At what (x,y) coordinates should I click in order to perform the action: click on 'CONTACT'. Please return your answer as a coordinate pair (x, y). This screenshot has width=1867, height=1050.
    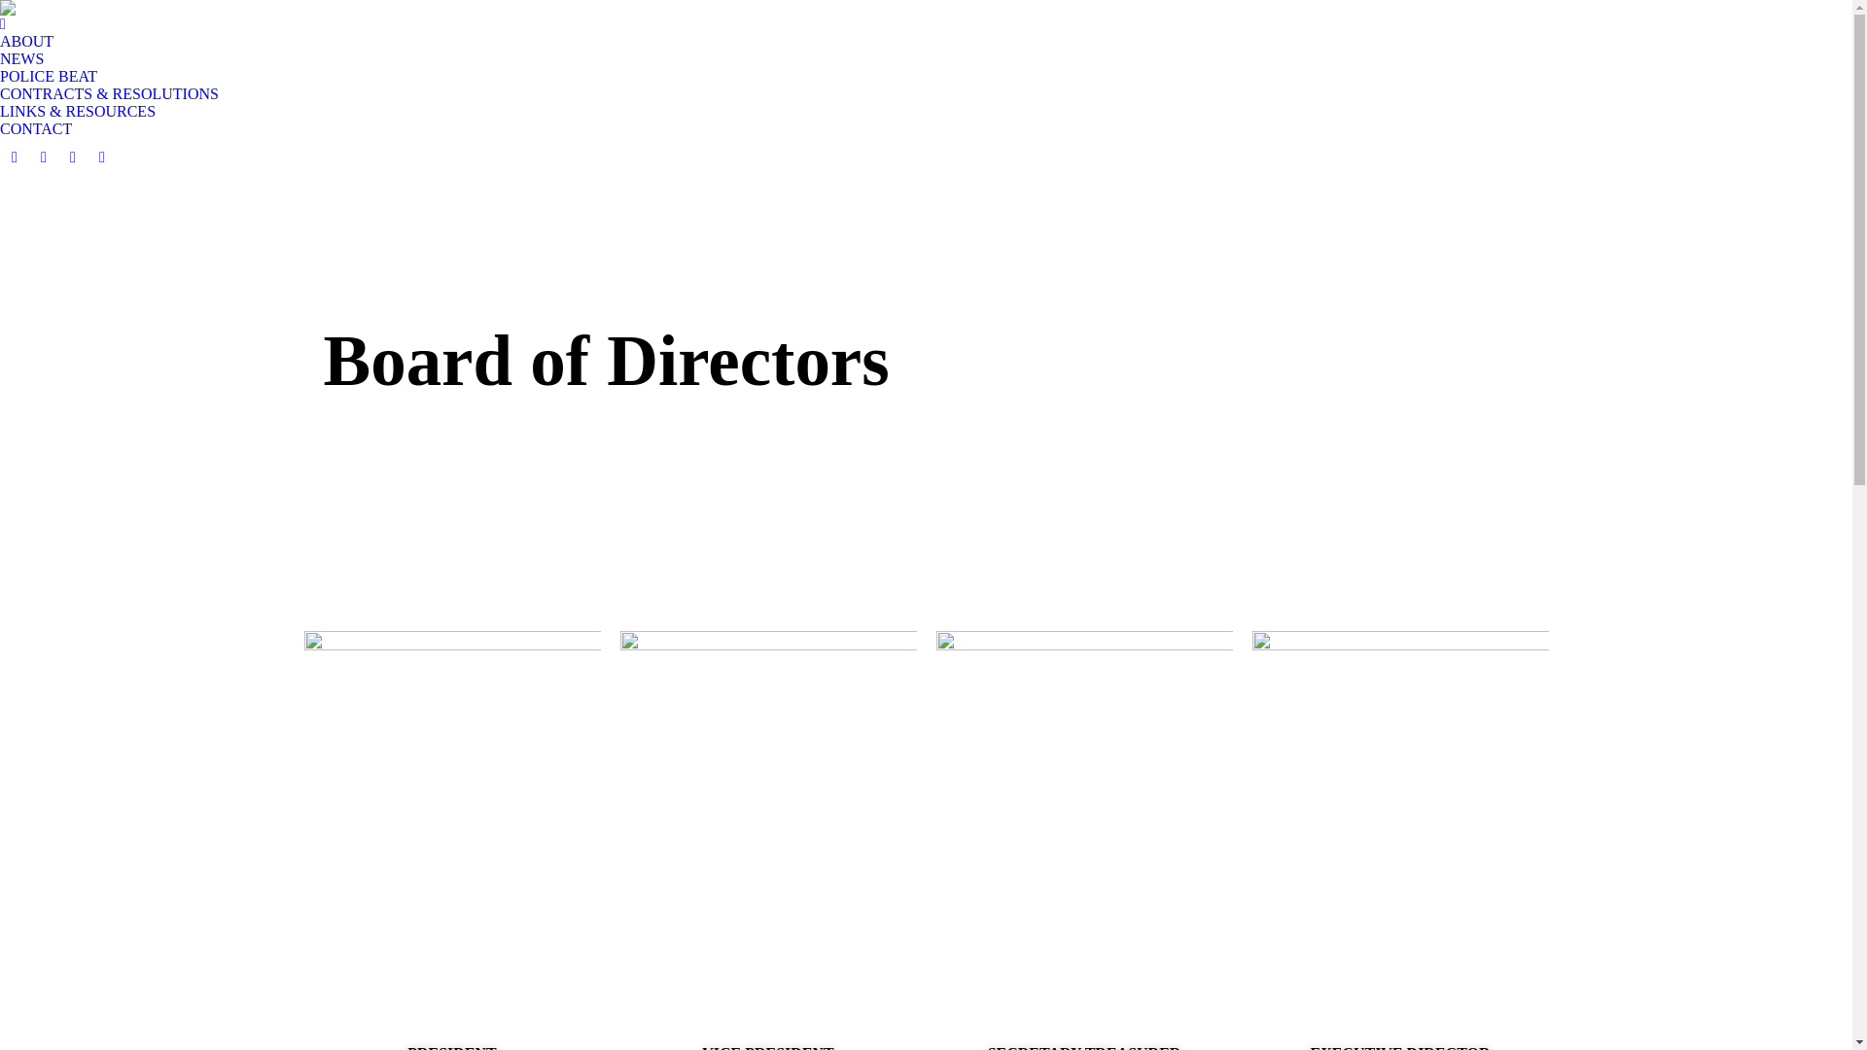
    Looking at the image, I should click on (36, 128).